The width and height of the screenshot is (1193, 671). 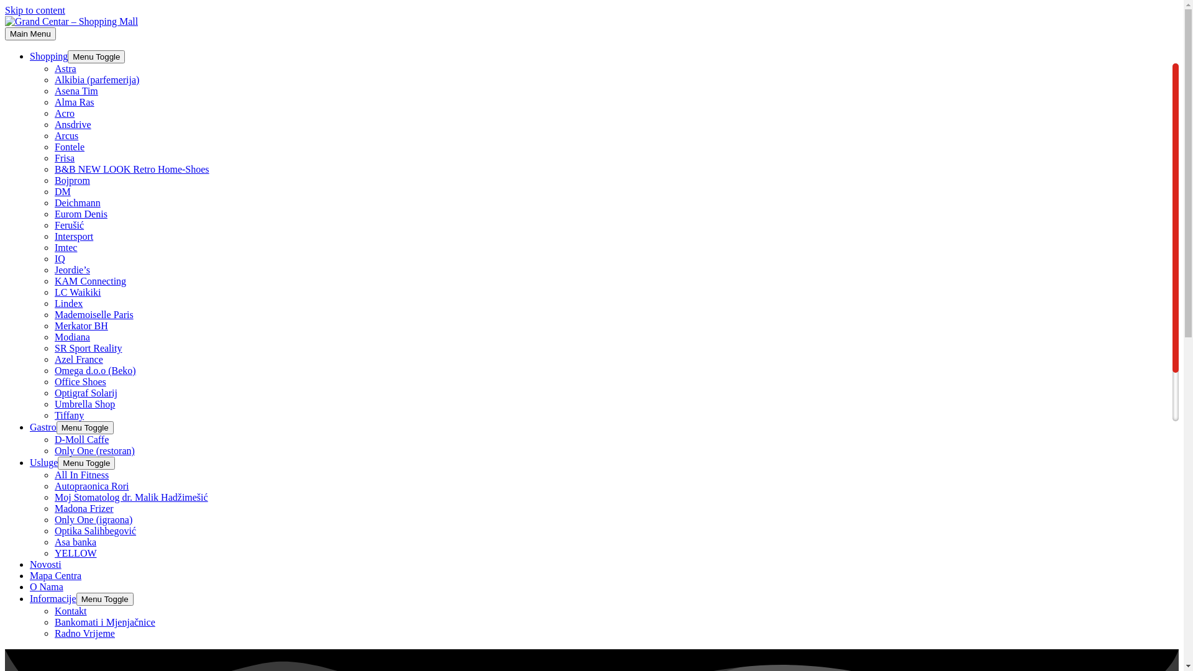 What do you see at coordinates (79, 449) in the screenshot?
I see `'Planika Flex'` at bounding box center [79, 449].